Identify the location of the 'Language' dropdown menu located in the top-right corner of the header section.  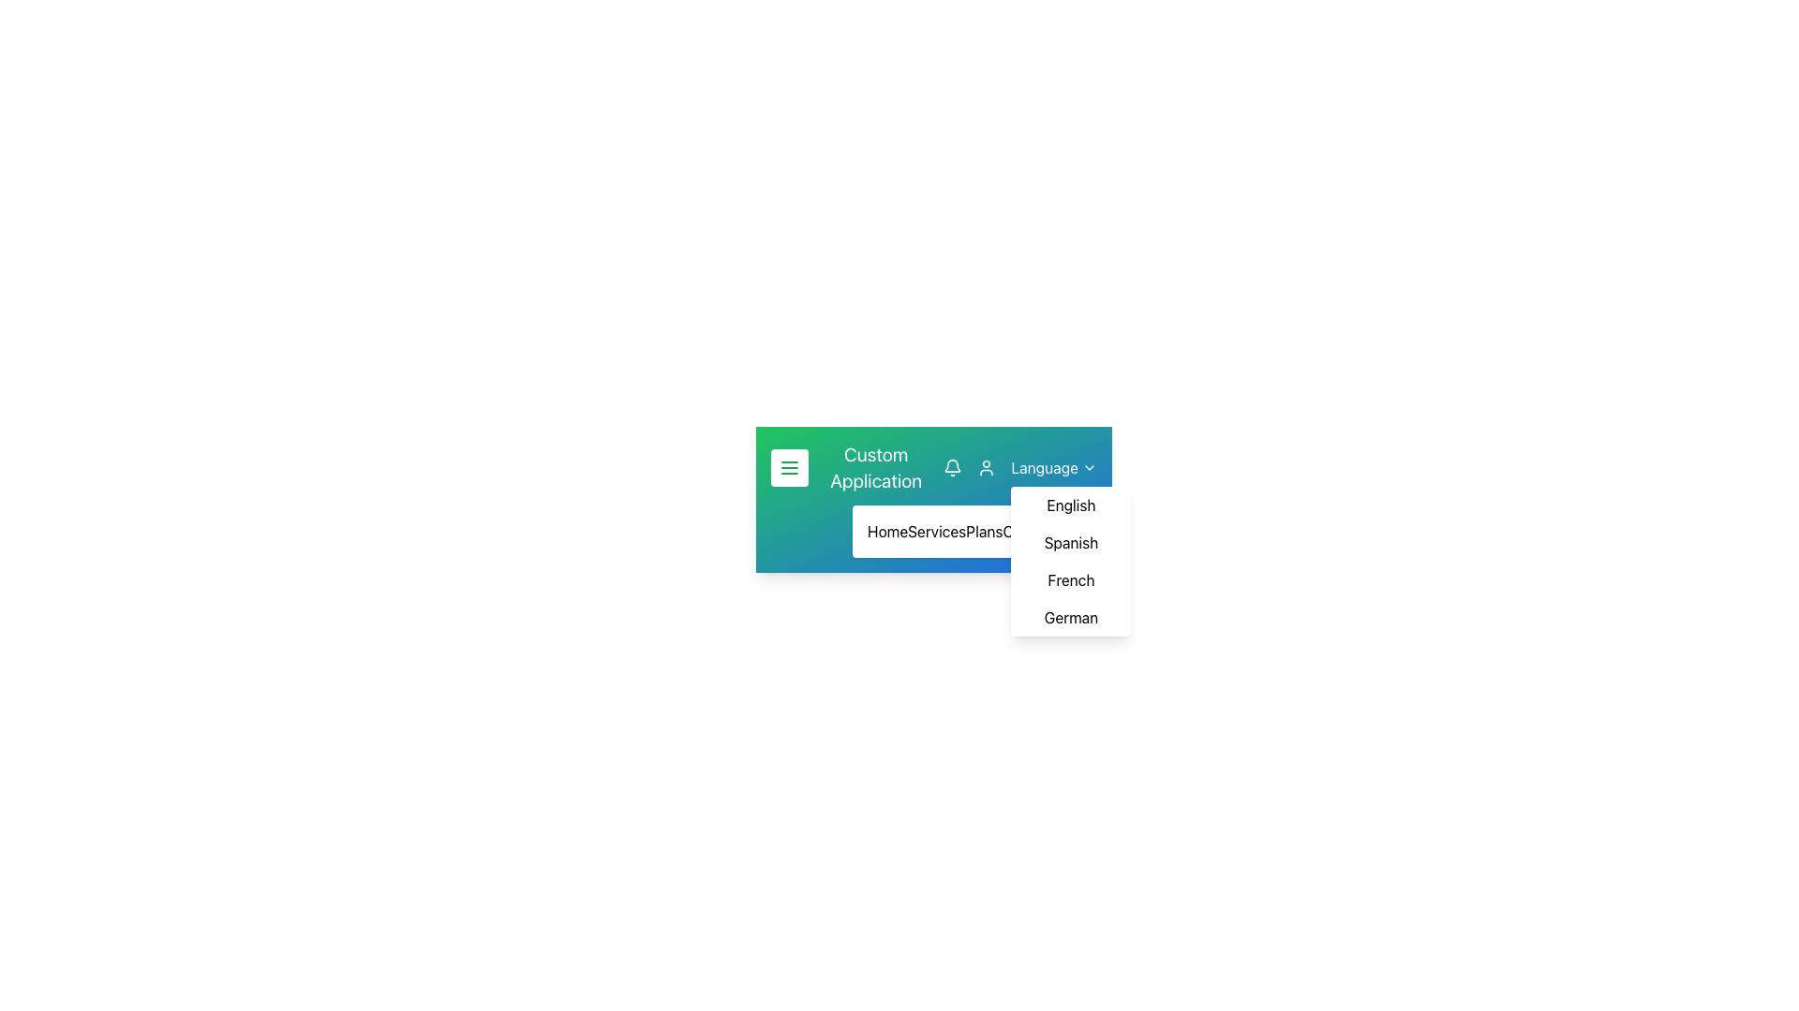
(1019, 467).